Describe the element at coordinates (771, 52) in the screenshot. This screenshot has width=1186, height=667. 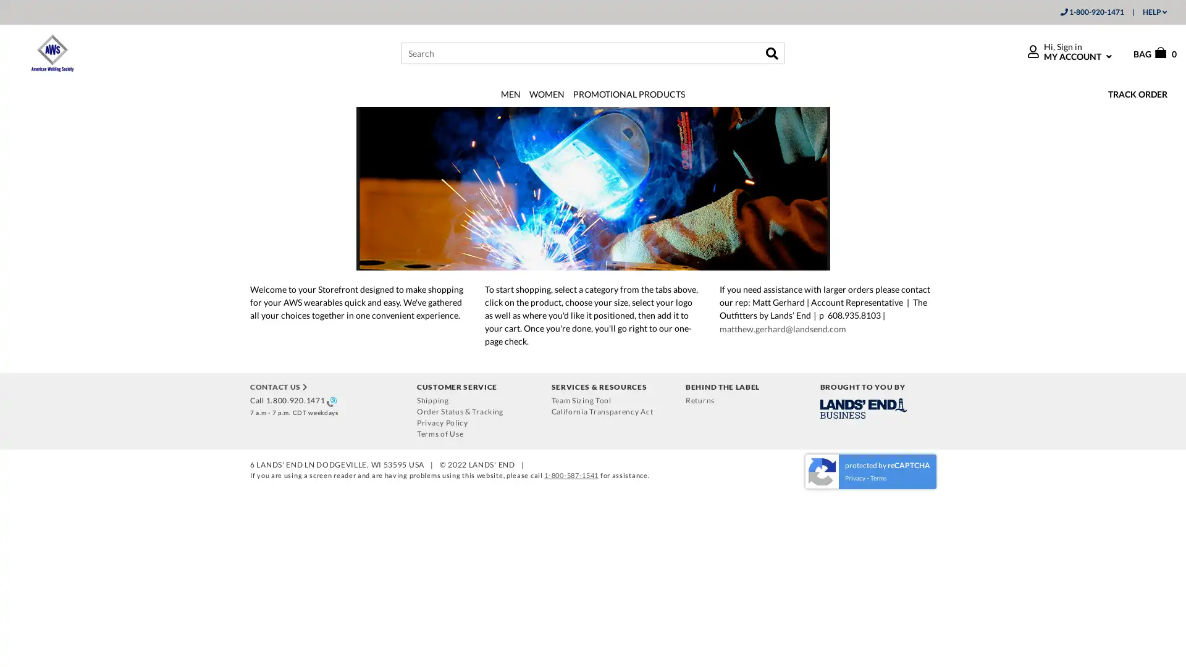
I see `search` at that location.